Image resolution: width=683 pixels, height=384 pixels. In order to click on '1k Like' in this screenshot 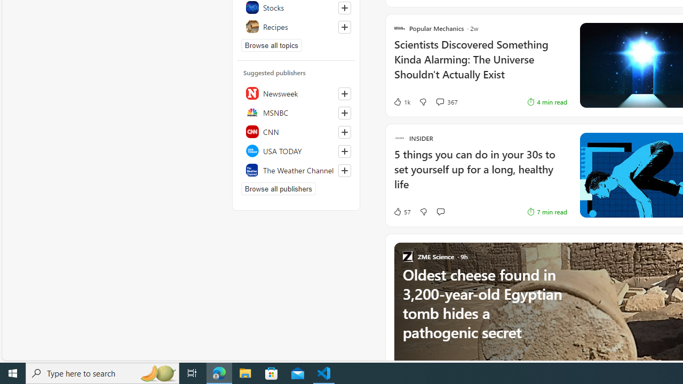, I will do `click(401, 102)`.